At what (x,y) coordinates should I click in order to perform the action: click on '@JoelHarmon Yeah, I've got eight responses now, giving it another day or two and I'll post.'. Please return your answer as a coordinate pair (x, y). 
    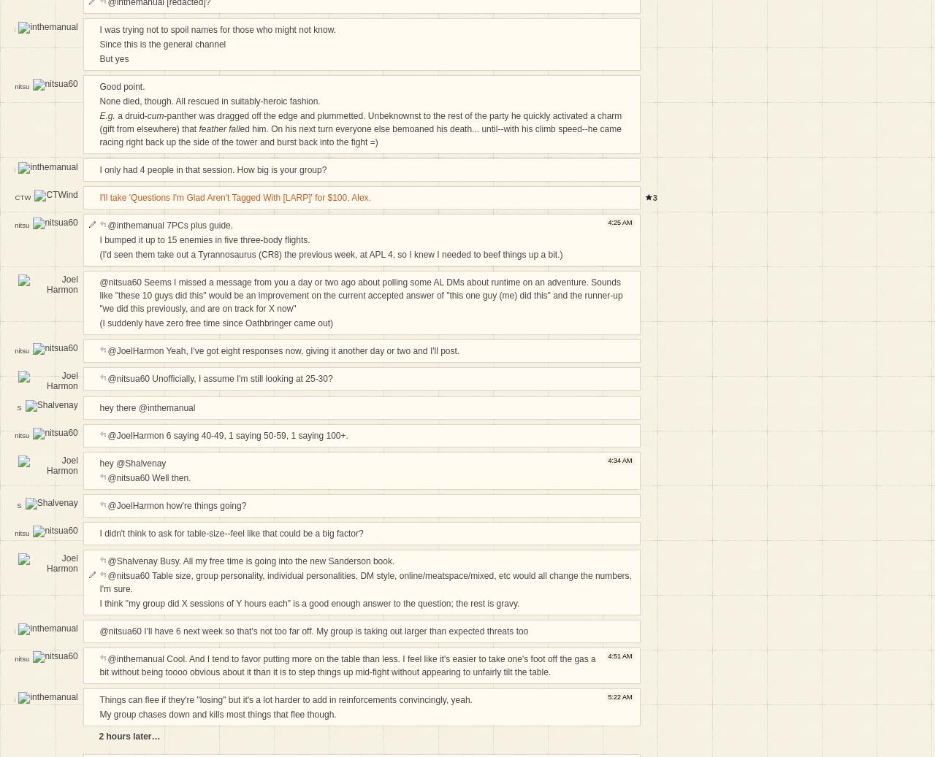
    Looking at the image, I should click on (283, 350).